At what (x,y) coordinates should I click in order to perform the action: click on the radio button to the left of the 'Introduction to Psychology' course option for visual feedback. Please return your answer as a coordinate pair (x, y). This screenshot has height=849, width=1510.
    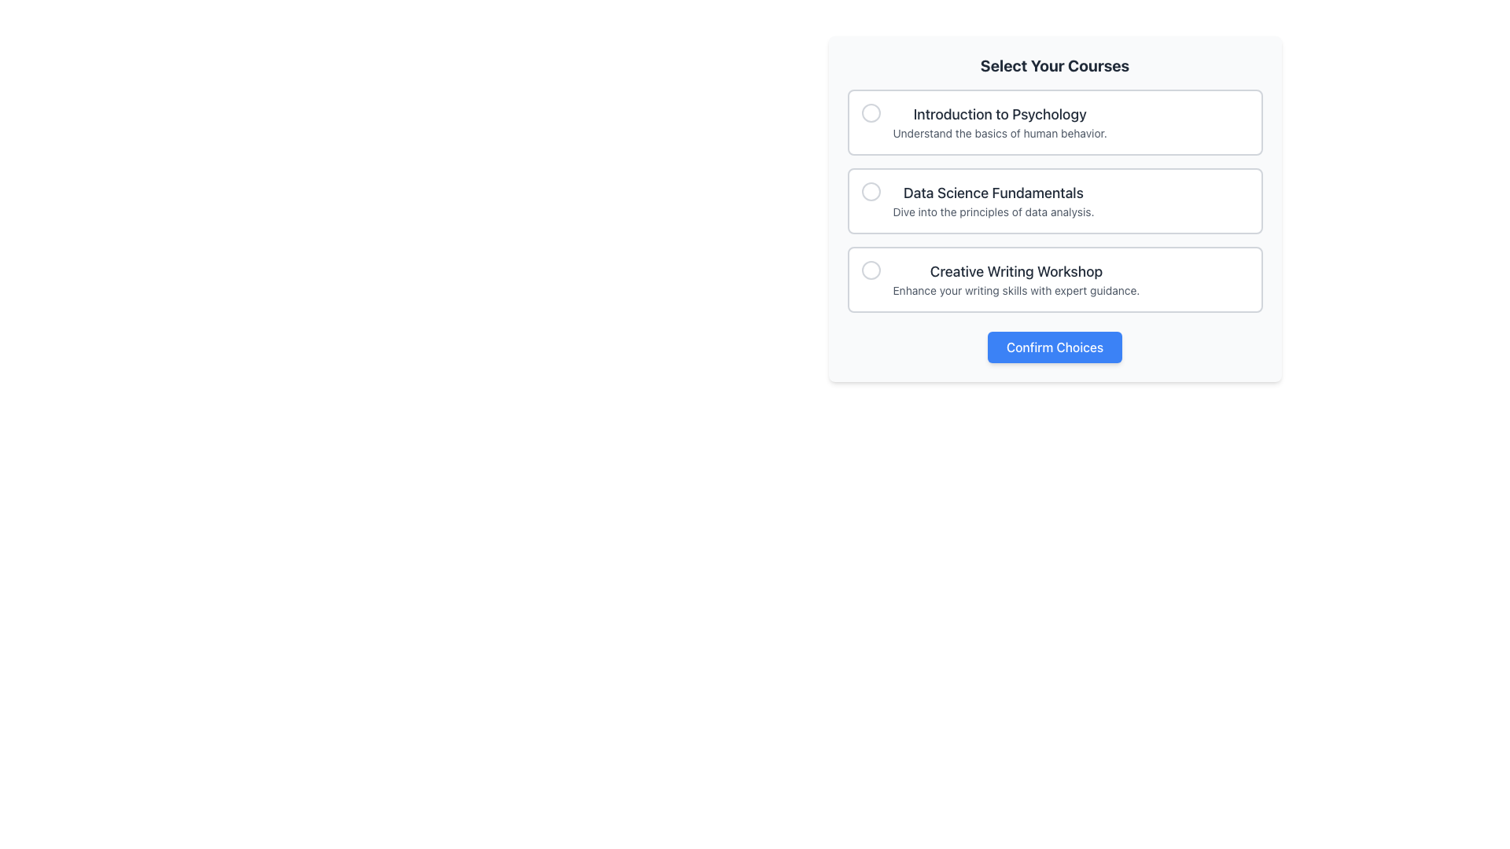
    Looking at the image, I should click on (870, 112).